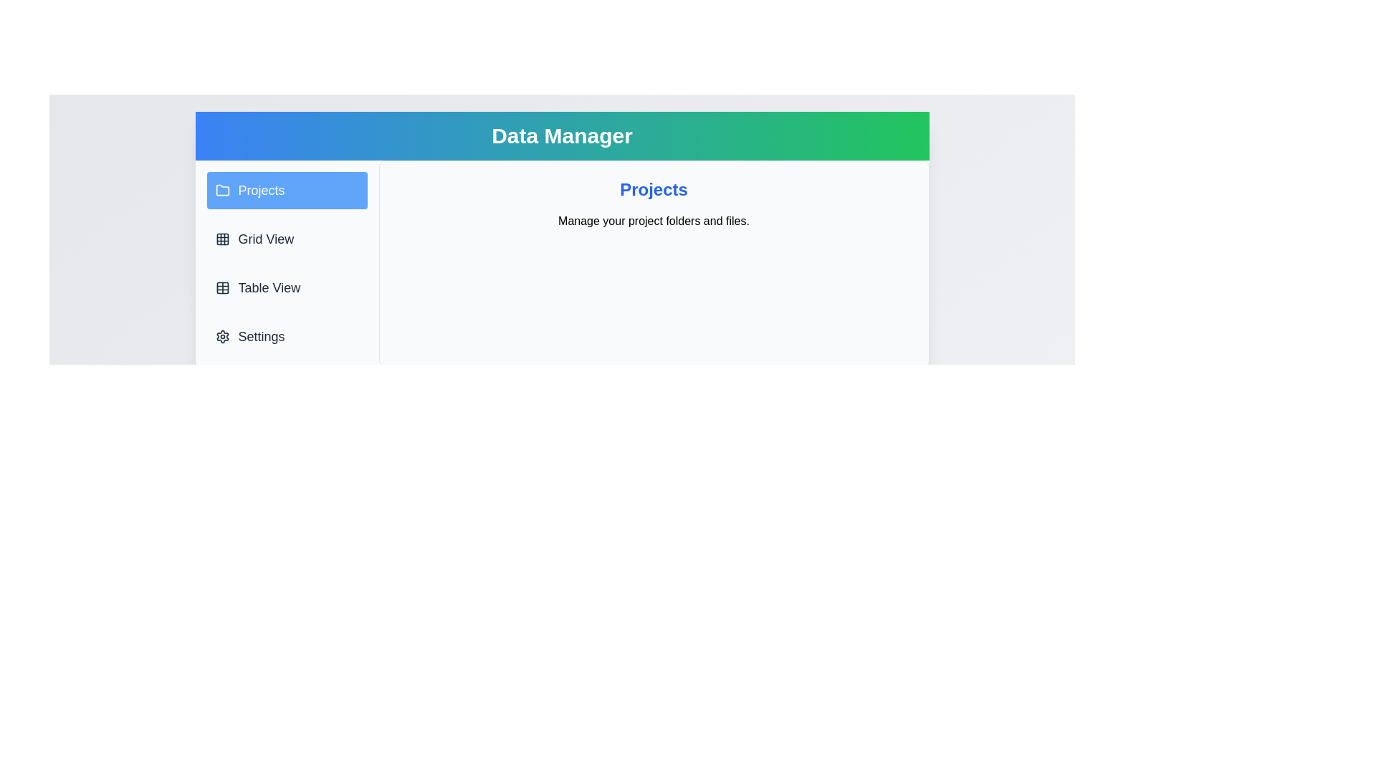 The height and width of the screenshot is (774, 1376). I want to click on the tab labeled Grid View, so click(287, 239).